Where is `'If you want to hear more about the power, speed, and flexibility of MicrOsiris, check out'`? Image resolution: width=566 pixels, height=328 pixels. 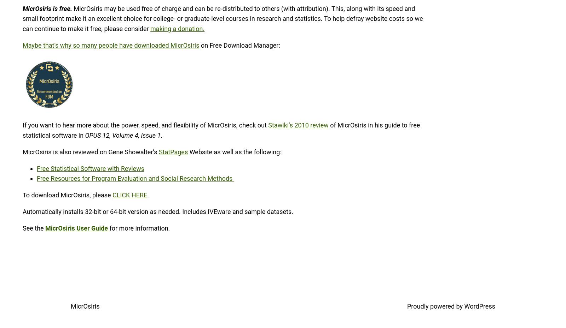
'If you want to hear more about the power, speed, and flexibility of MicrOsiris, check out' is located at coordinates (145, 125).